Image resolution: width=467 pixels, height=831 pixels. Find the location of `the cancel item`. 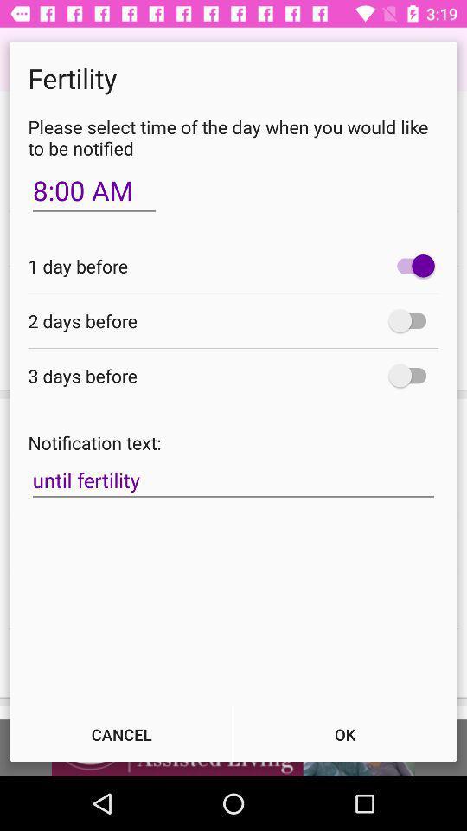

the cancel item is located at coordinates (120, 733).